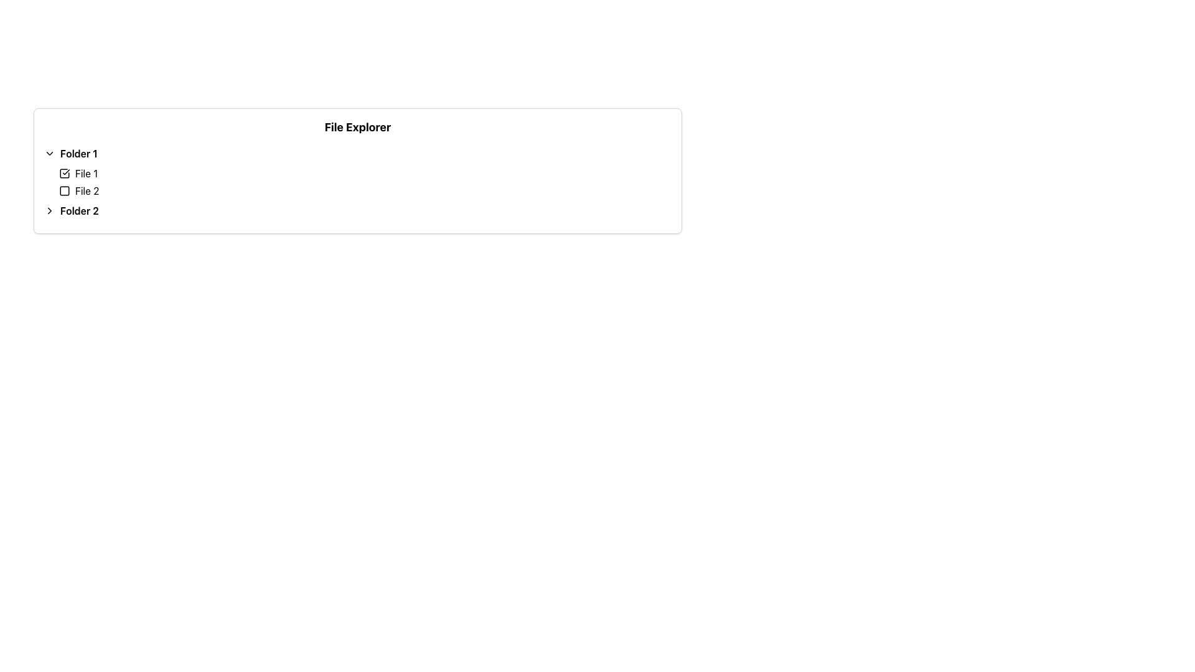  I want to click on the text label displaying 'Folder 2', which is part of a clickable folder entry and aligned with a chevron icon, so click(78, 210).